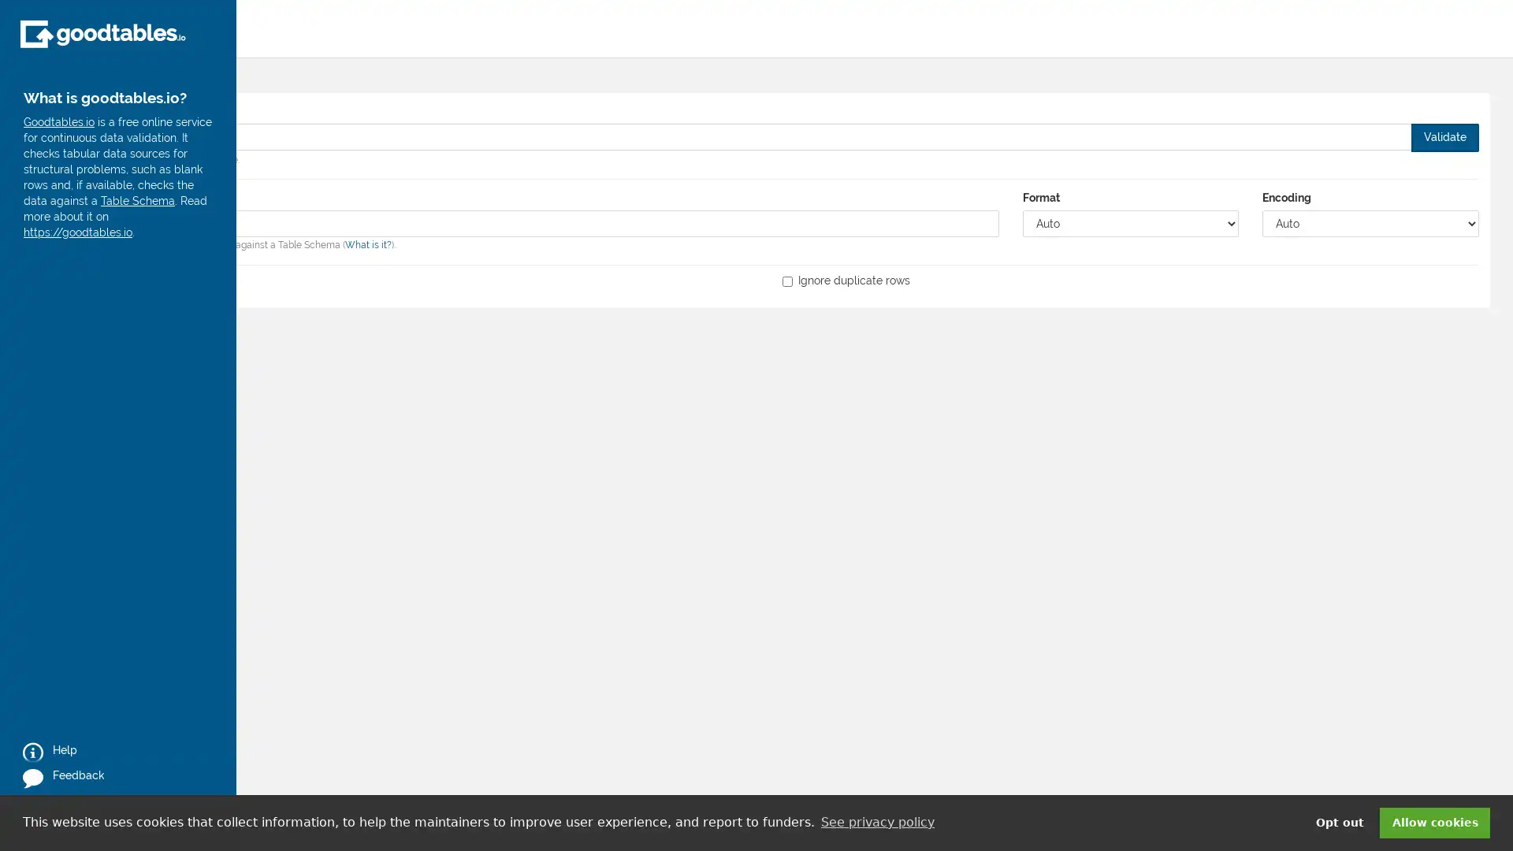 This screenshot has width=1513, height=851. What do you see at coordinates (1434, 822) in the screenshot?
I see `dismiss cookie message` at bounding box center [1434, 822].